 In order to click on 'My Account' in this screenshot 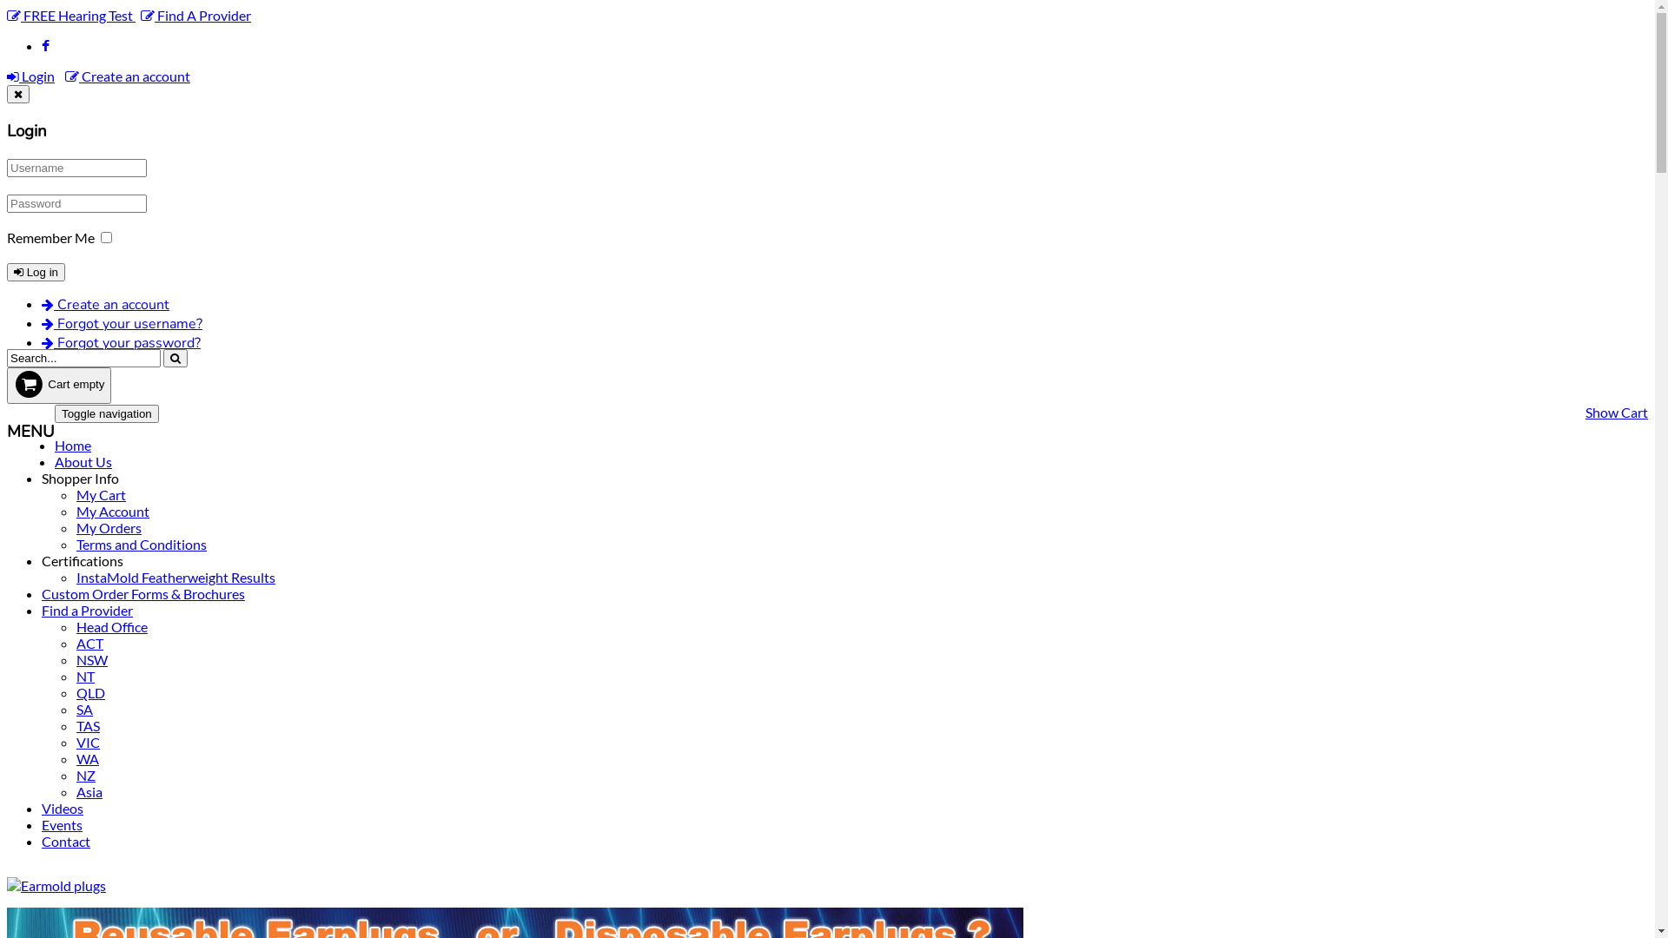, I will do `click(111, 510)`.